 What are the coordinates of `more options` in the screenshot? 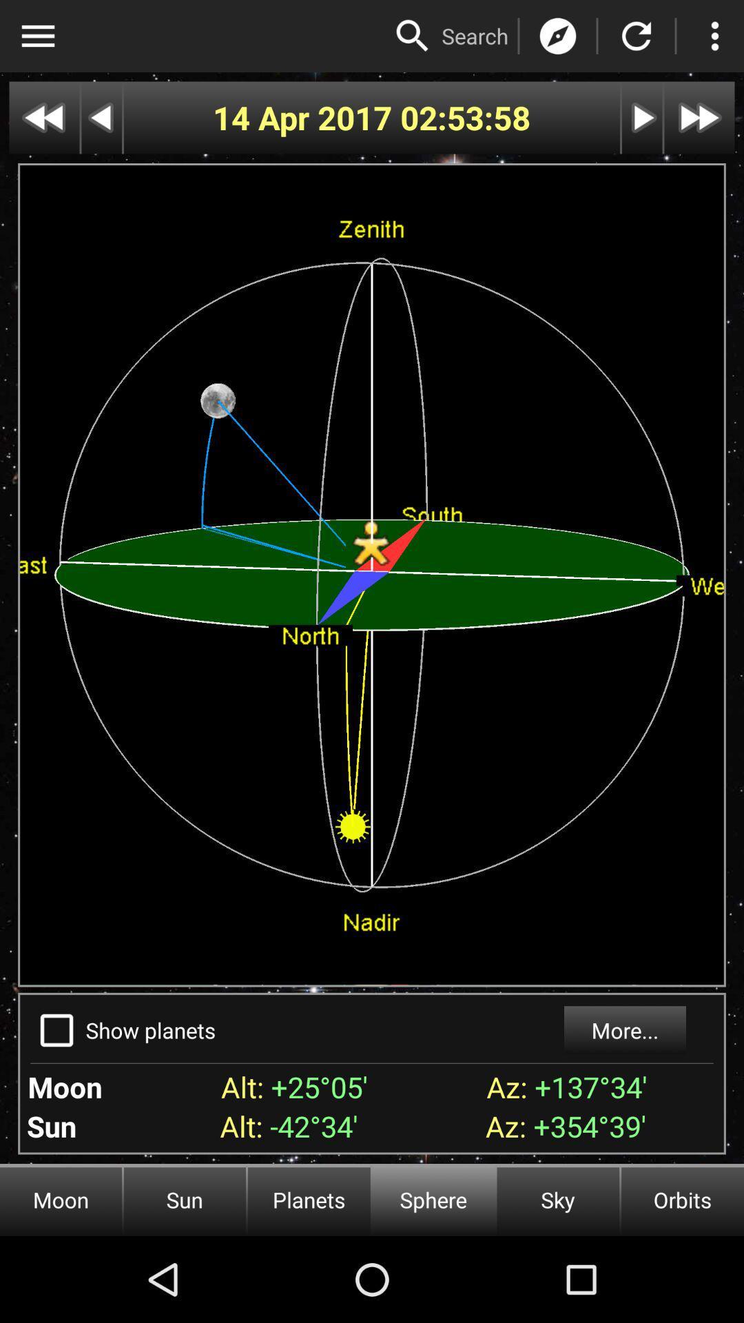 It's located at (714, 36).